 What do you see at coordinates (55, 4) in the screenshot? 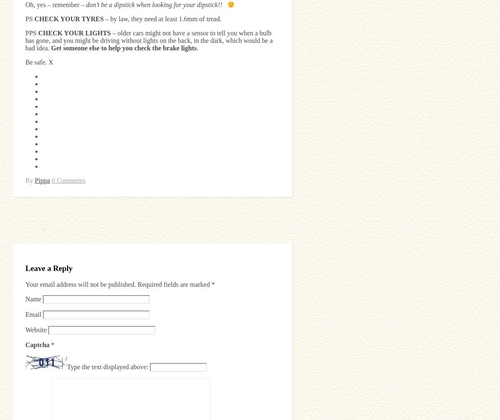
I see `'Oh, yes – remember –'` at bounding box center [55, 4].